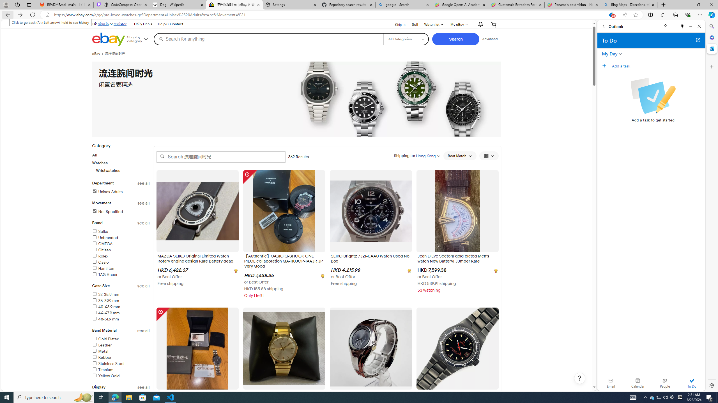  I want to click on 'Stainless Steel', so click(121, 364).